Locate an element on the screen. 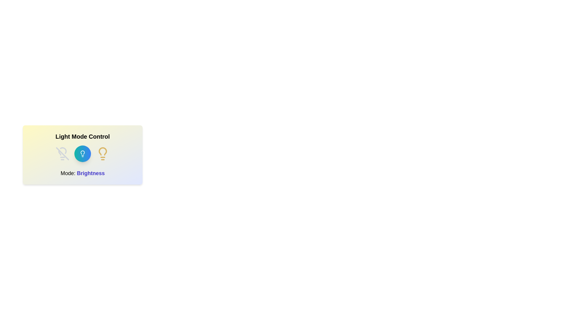 The height and width of the screenshot is (320, 569). the lightbulb icon with off state to observe its visual feedback is located at coordinates (63, 153).